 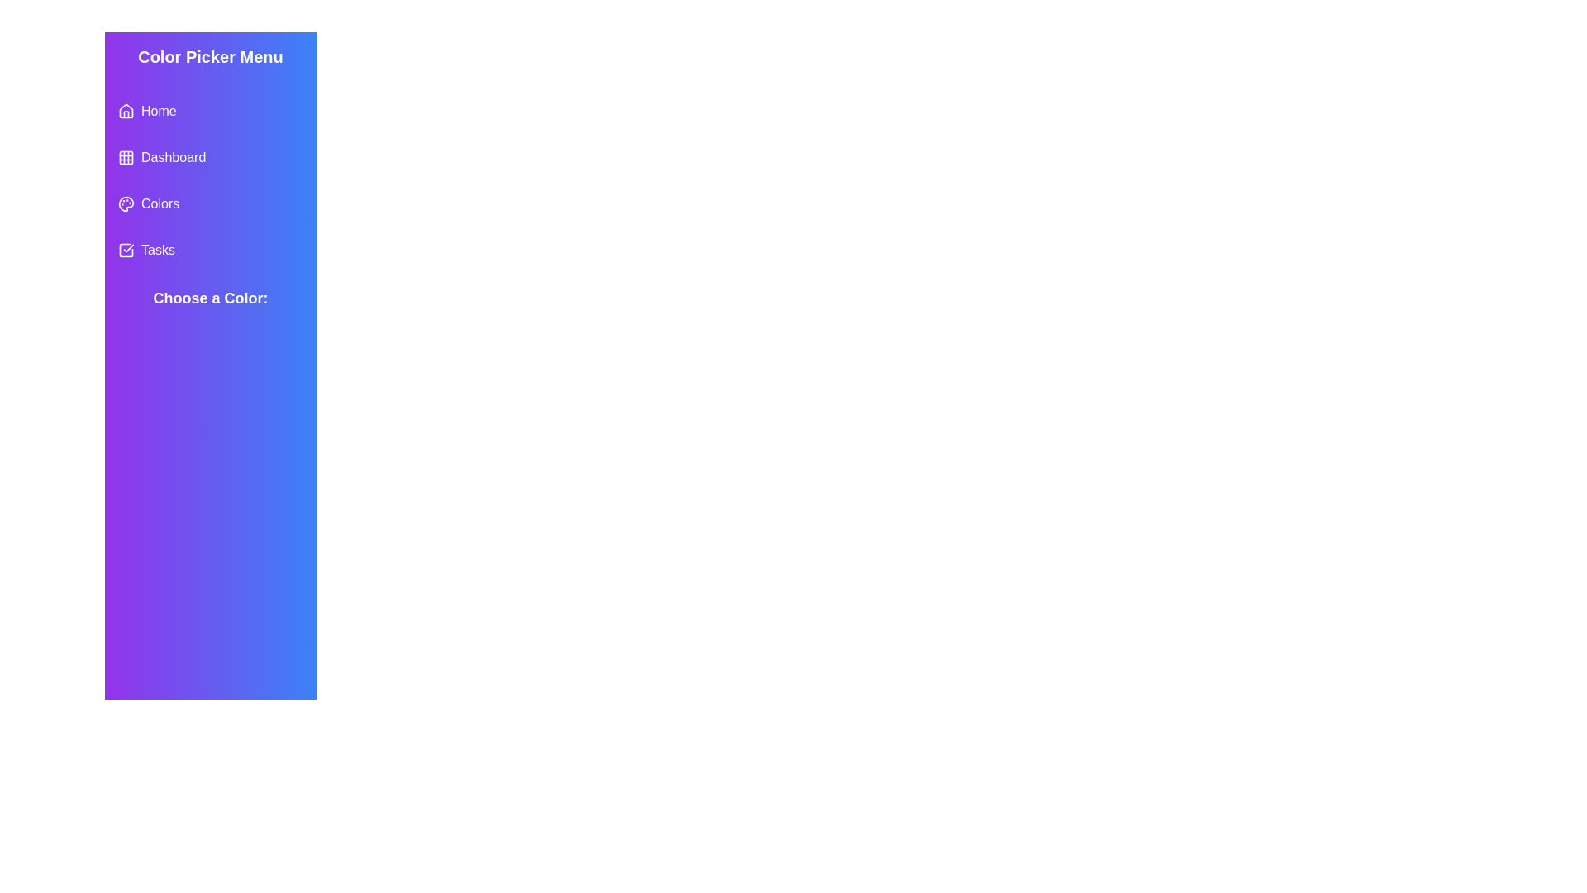 What do you see at coordinates (126, 251) in the screenshot?
I see `the task status icon located immediately to the left of the 'Tasks' text in the vertical menu` at bounding box center [126, 251].